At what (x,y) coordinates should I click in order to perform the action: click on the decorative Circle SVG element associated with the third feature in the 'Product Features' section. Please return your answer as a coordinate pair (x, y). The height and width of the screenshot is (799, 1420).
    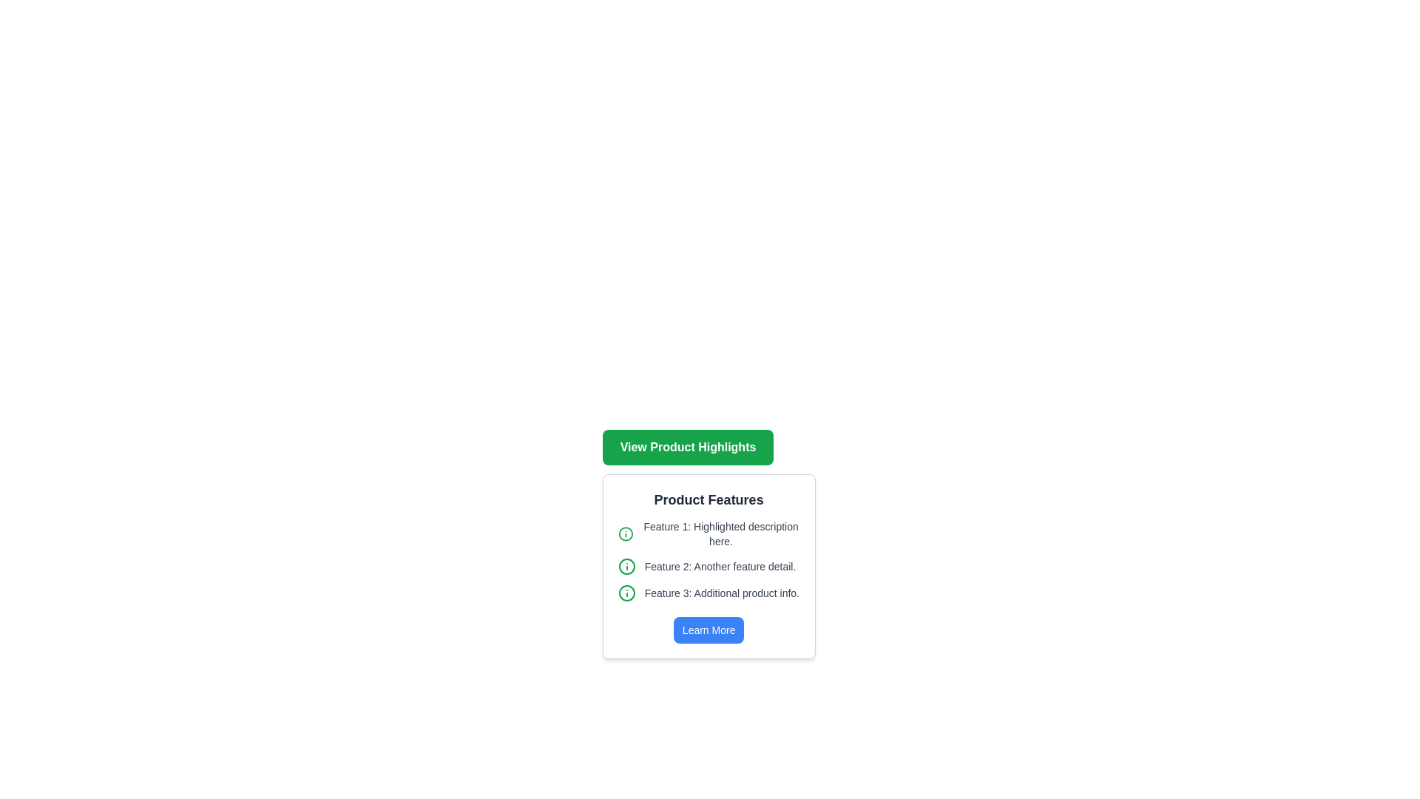
    Looking at the image, I should click on (626, 593).